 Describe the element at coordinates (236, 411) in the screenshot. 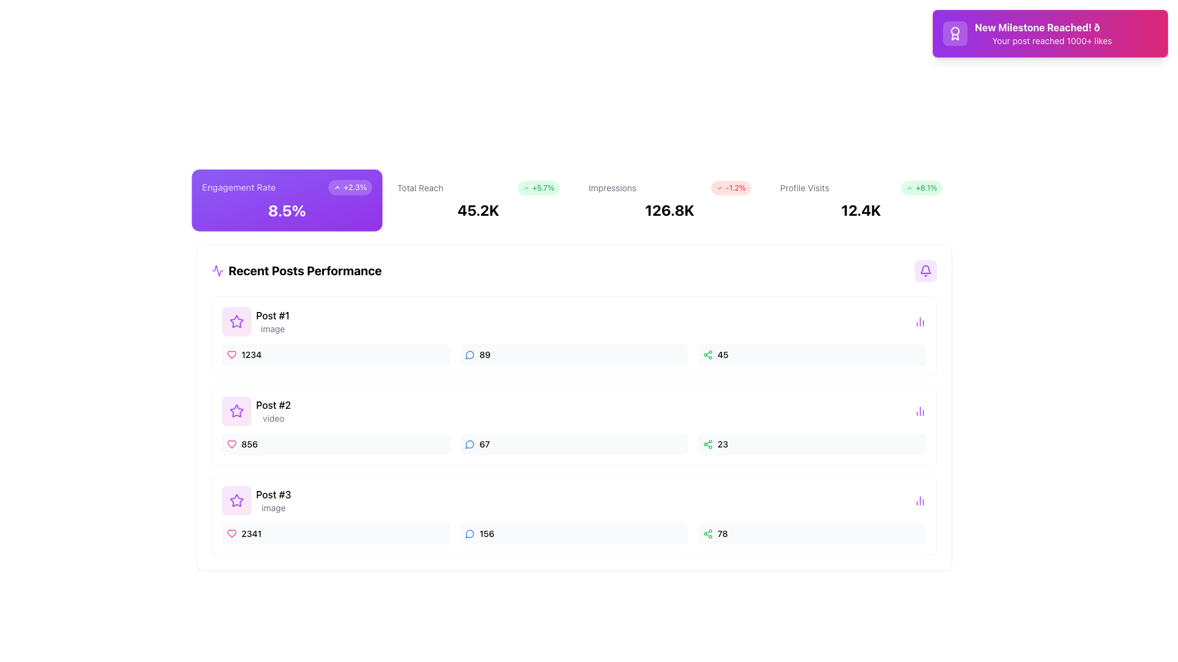

I see `the decorative icon indicating featured or favorite status for 'Post #1' in the 'Recent Posts Performance' box` at that location.